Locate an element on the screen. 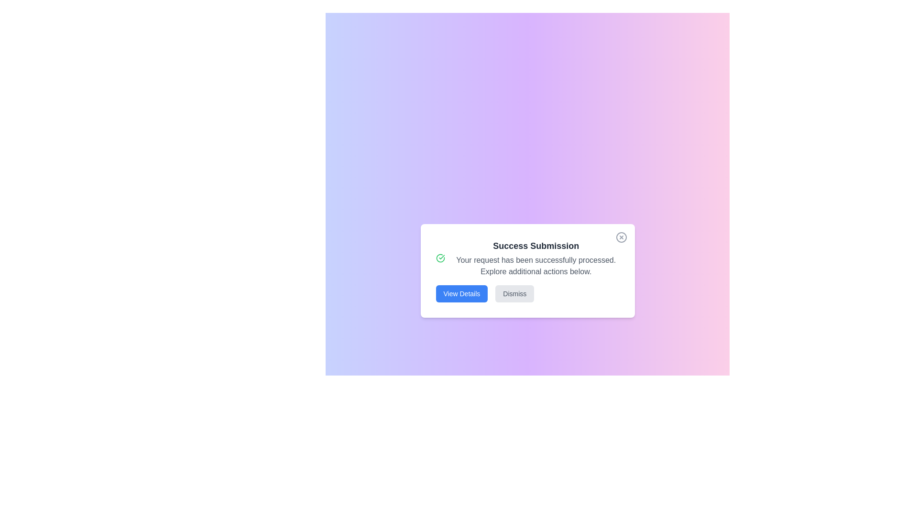 The width and height of the screenshot is (918, 516). the close button icon, represented by a small circular graphic with an 'X', located in the top-right corner of the modal window displaying 'Success Submission' is located at coordinates (621, 237).